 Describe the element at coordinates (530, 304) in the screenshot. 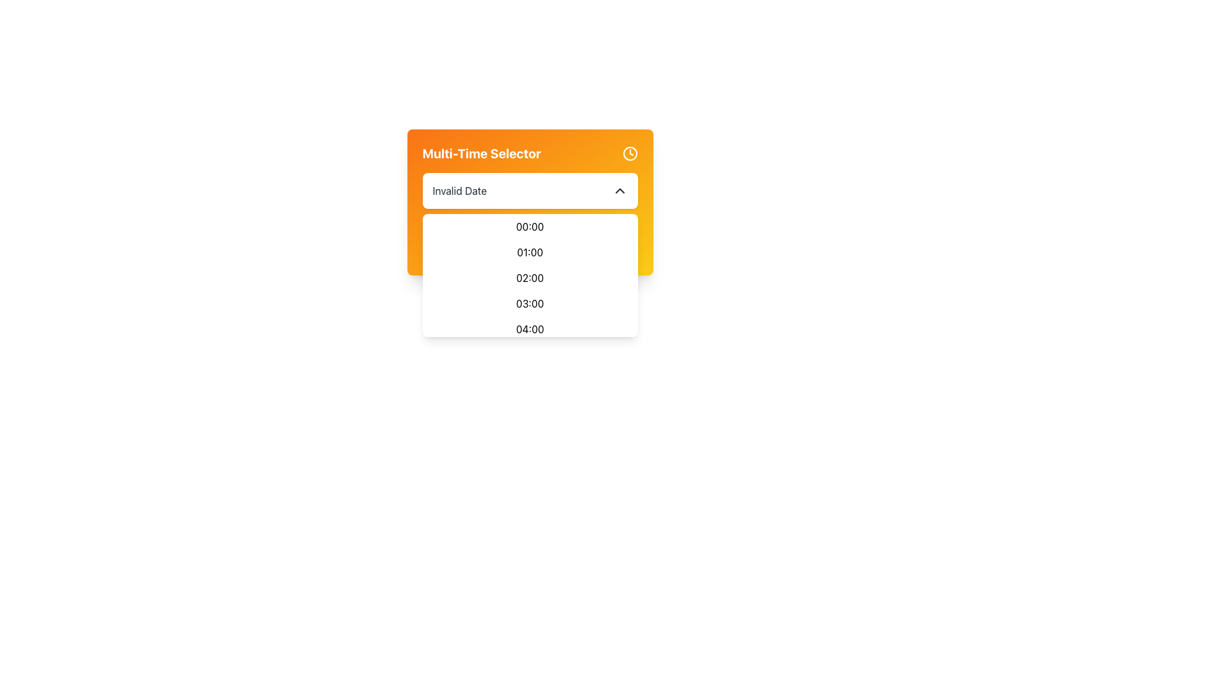

I see `the selectable time slot '03:00' in the dropdown list to trigger hover styling` at that location.